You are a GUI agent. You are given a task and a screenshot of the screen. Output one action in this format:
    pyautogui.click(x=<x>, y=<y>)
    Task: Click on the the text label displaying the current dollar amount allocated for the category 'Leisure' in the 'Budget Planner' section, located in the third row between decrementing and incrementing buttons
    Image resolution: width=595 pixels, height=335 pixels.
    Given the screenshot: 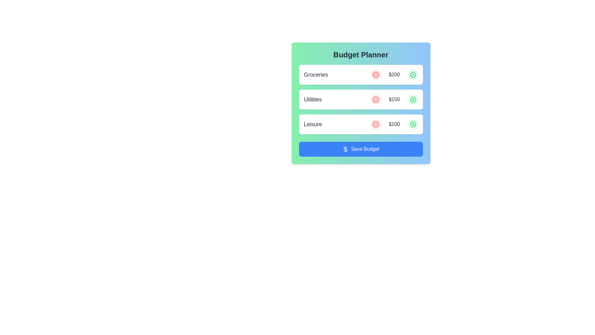 What is the action you would take?
    pyautogui.click(x=394, y=124)
    